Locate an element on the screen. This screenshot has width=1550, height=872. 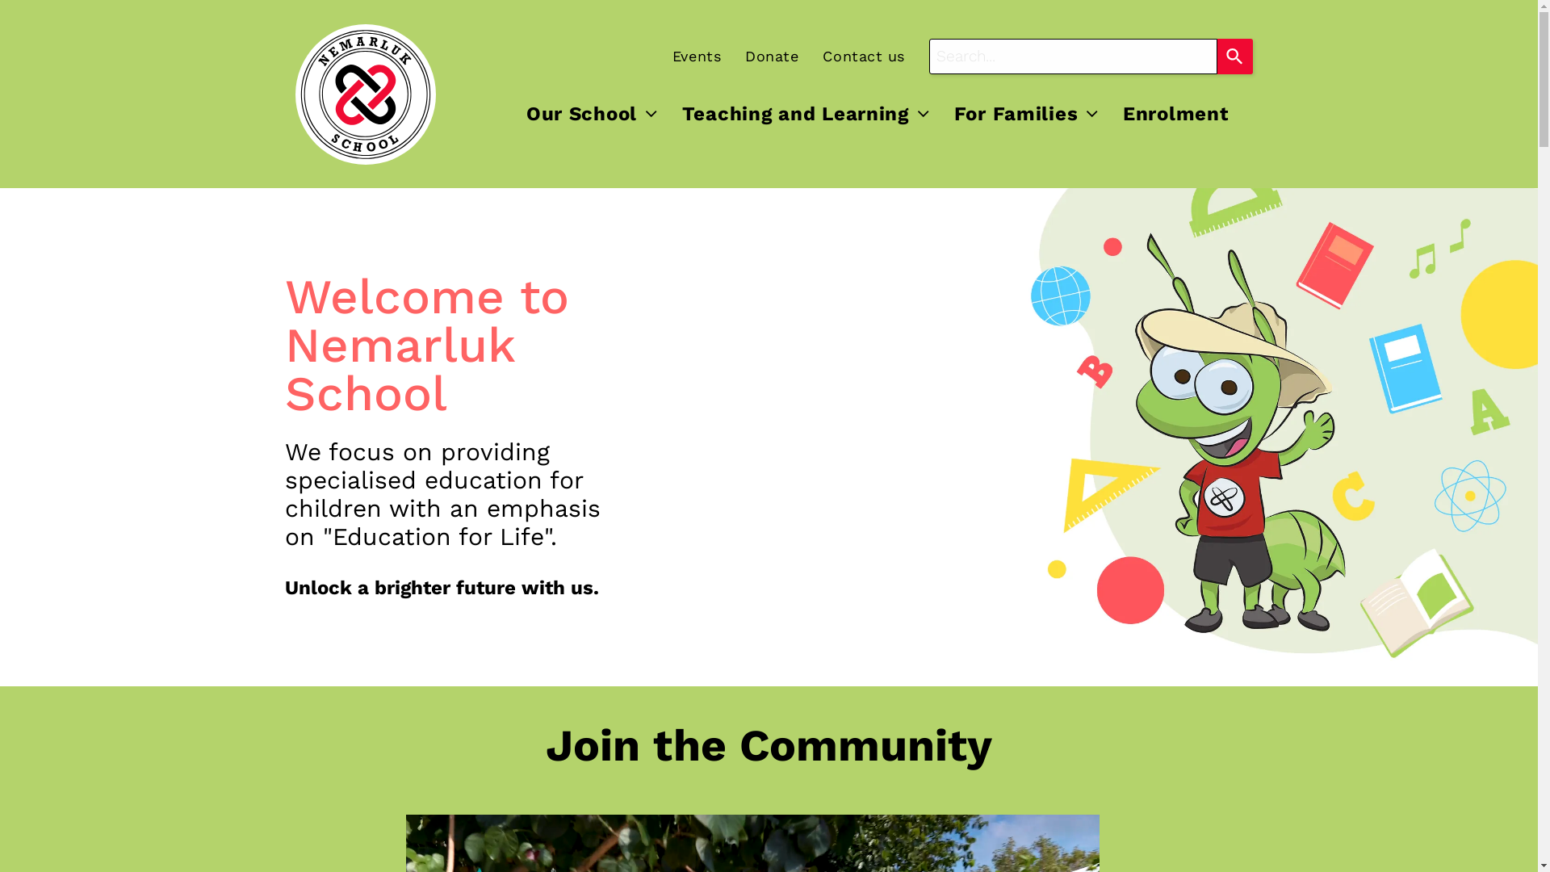
'Events' is located at coordinates (685, 55).